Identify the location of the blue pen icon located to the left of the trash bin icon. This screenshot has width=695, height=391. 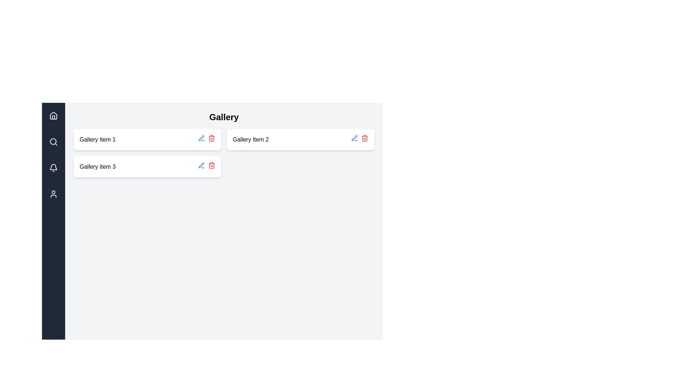
(201, 138).